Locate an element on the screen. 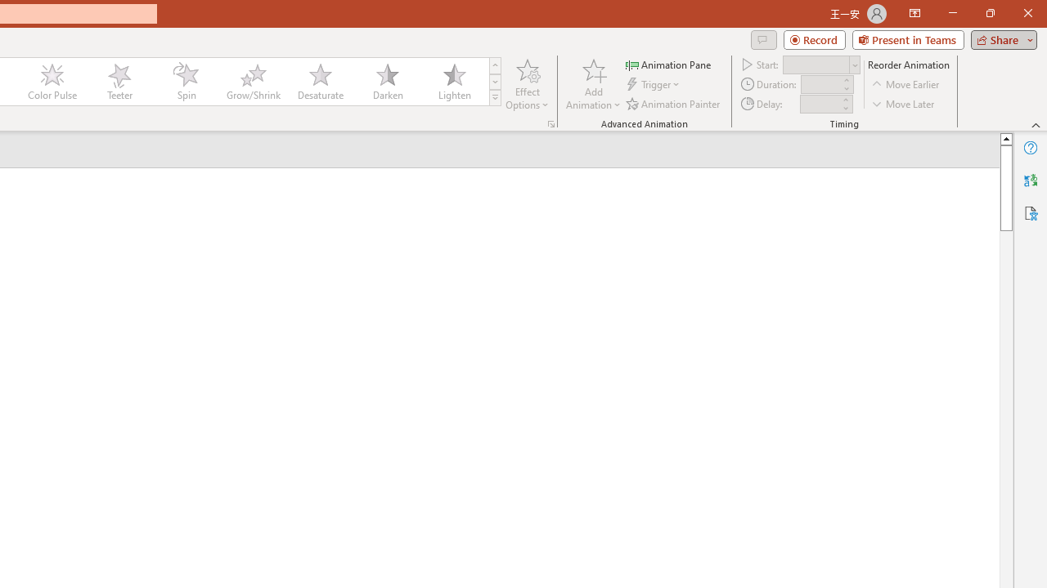 The height and width of the screenshot is (588, 1047). 'Spin' is located at coordinates (186, 82).